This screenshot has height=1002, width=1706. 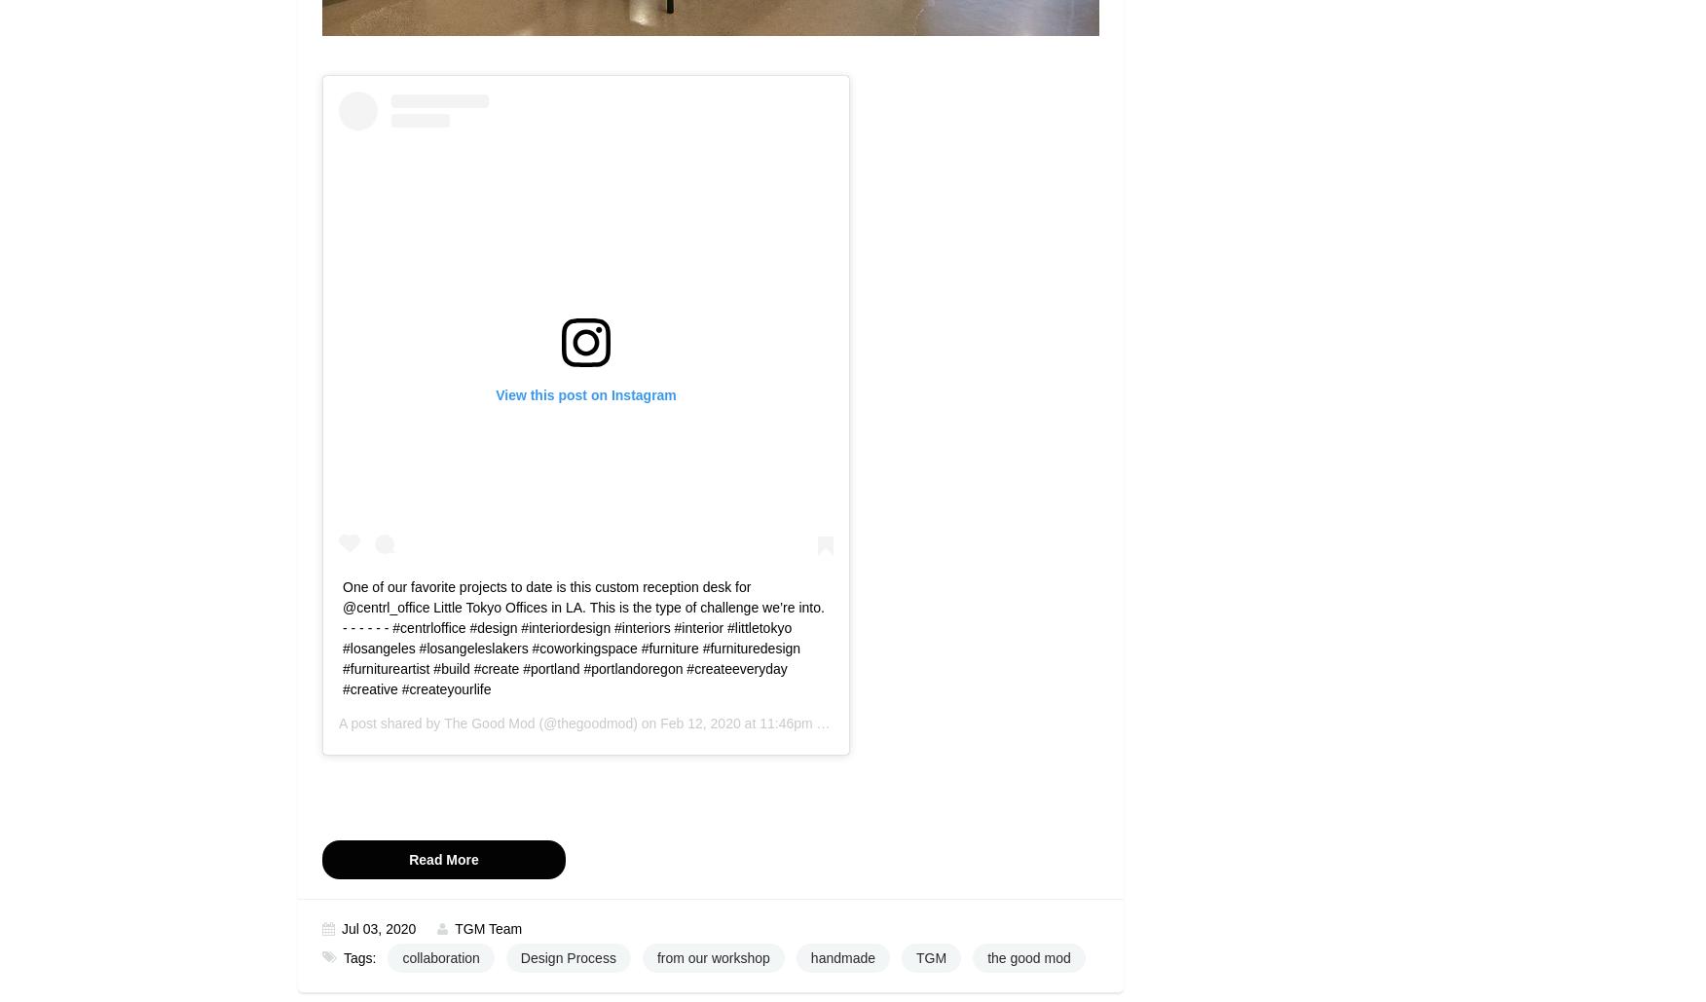 I want to click on 'Tags:', so click(x=344, y=957).